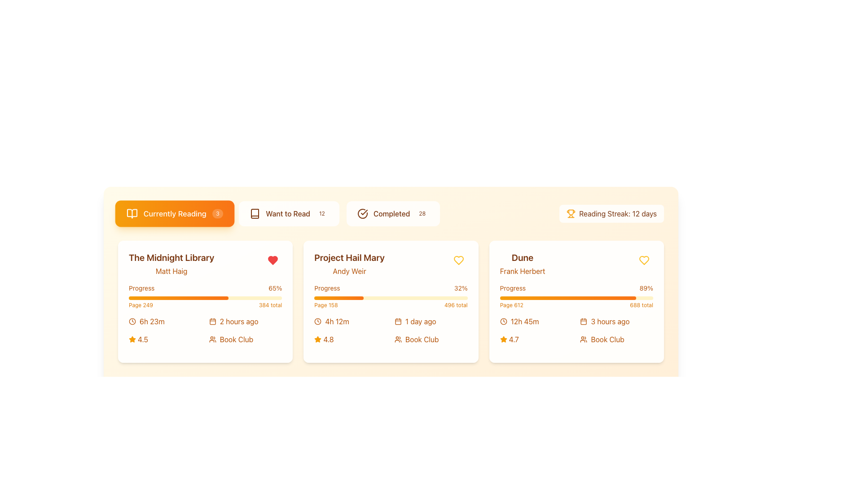 The image size is (862, 485). What do you see at coordinates (175, 213) in the screenshot?
I see `the button labeled 'Currently Reading' which features an open book icon and a badge displaying the number '3'` at bounding box center [175, 213].